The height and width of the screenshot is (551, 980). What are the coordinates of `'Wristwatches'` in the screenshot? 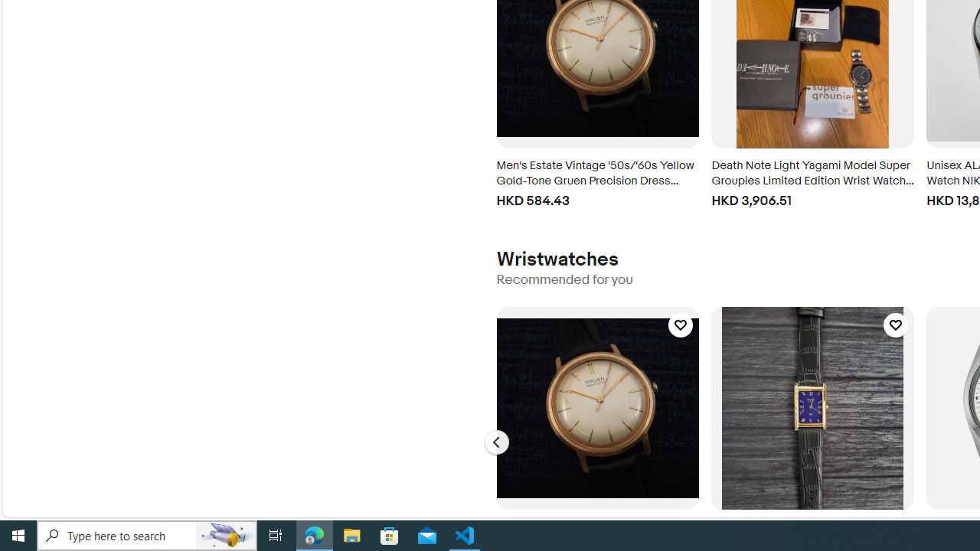 It's located at (556, 259).